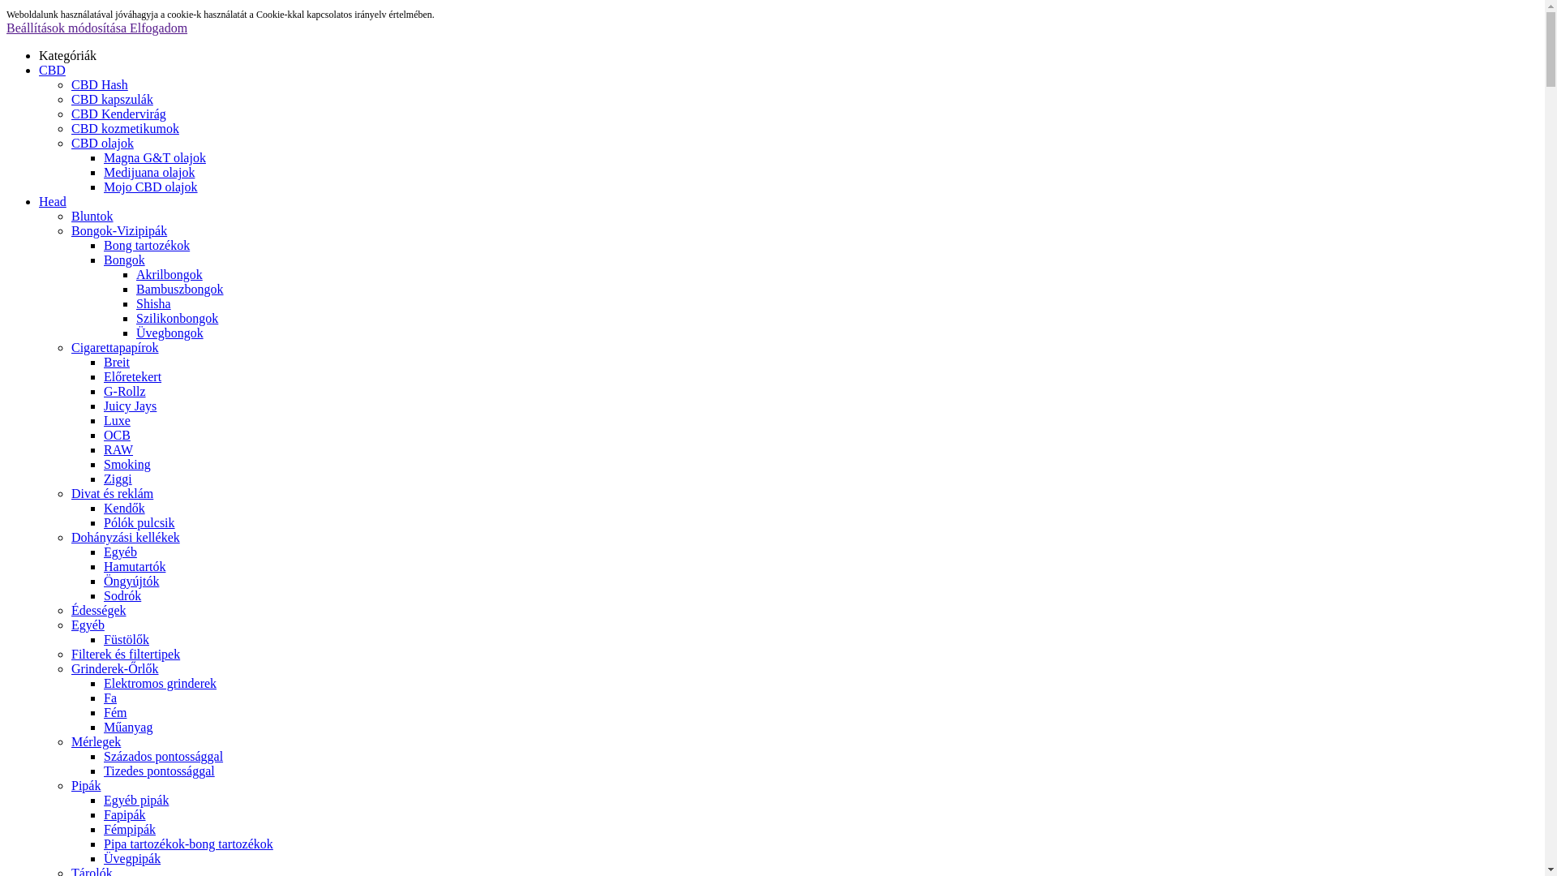  What do you see at coordinates (116, 434) in the screenshot?
I see `'OCB'` at bounding box center [116, 434].